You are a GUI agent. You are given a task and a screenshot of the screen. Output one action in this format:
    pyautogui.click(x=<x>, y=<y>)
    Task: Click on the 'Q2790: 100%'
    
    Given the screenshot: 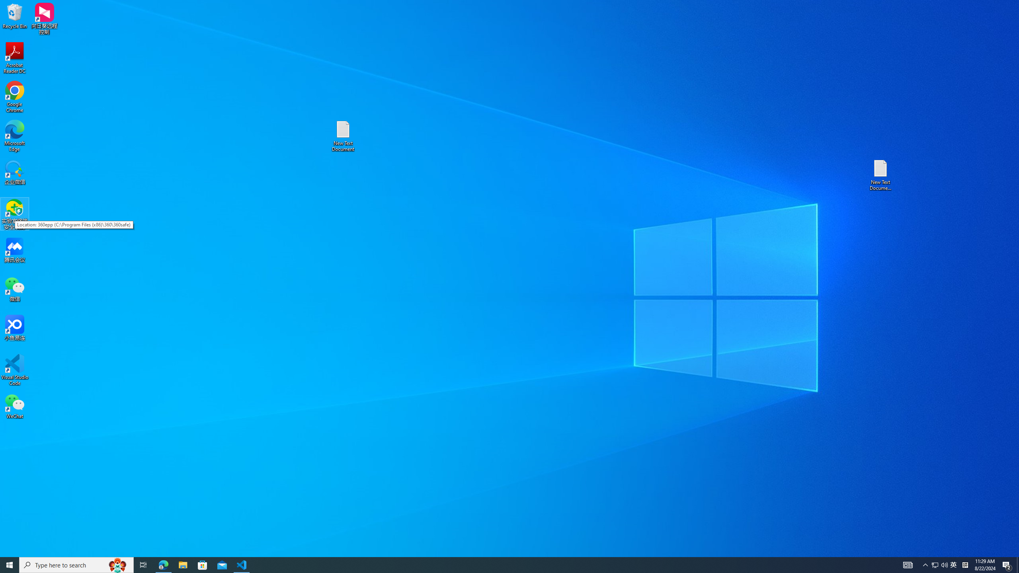 What is the action you would take?
    pyautogui.click(x=944, y=564)
    